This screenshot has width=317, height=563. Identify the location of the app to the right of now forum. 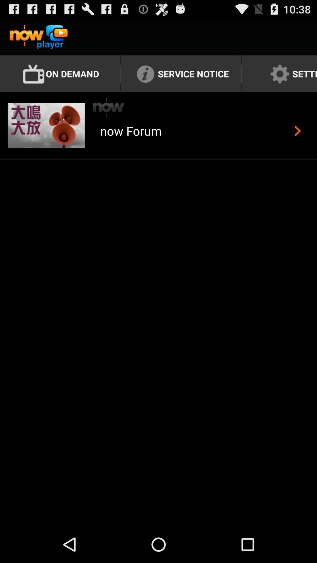
(298, 130).